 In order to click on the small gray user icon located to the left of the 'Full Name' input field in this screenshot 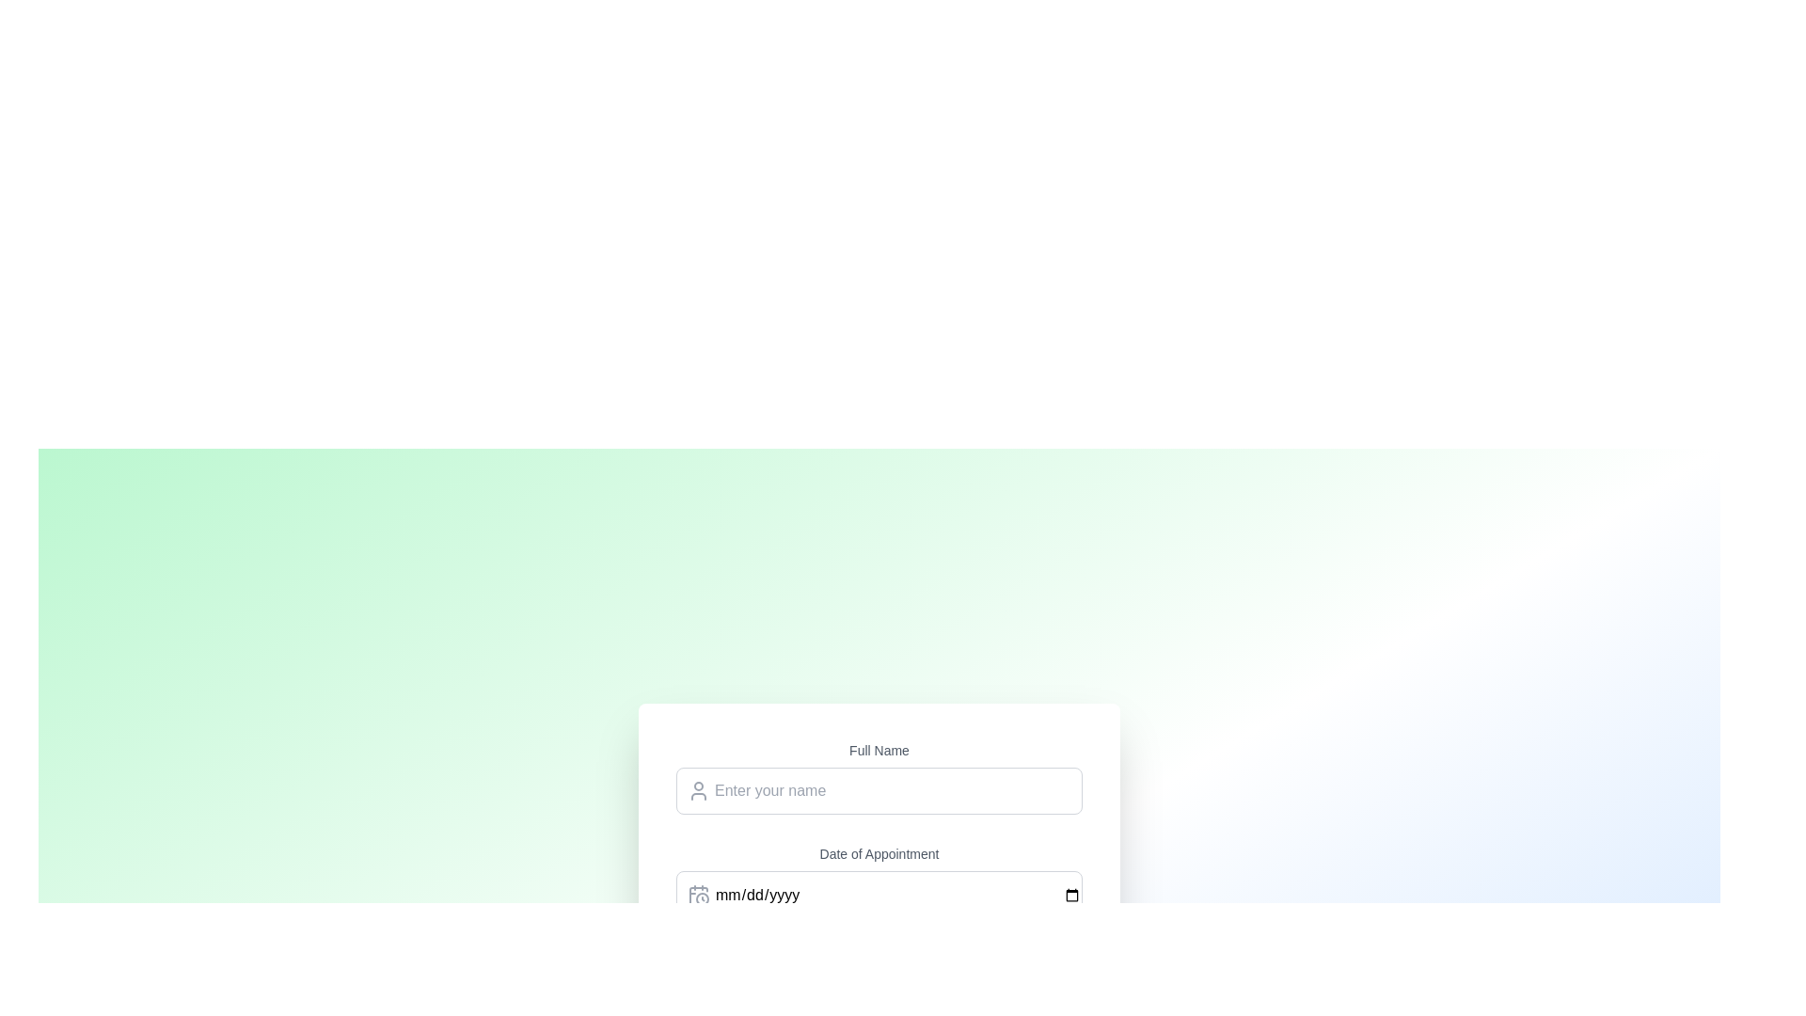, I will do `click(698, 790)`.